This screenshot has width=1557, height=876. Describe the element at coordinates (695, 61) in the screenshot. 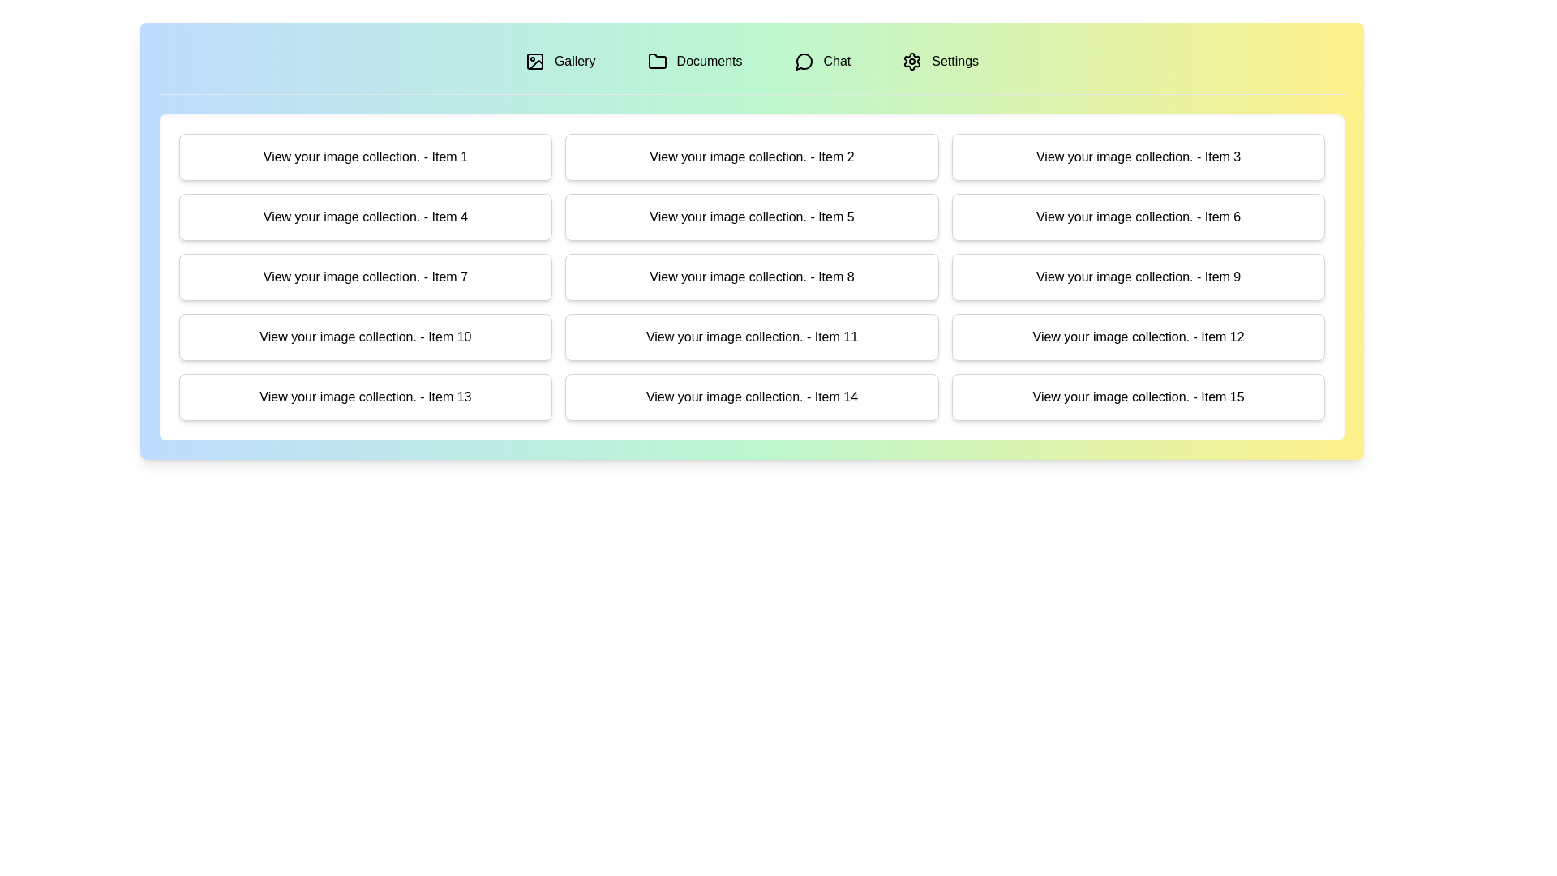

I see `the tab labeled Documents to preview its content` at that location.